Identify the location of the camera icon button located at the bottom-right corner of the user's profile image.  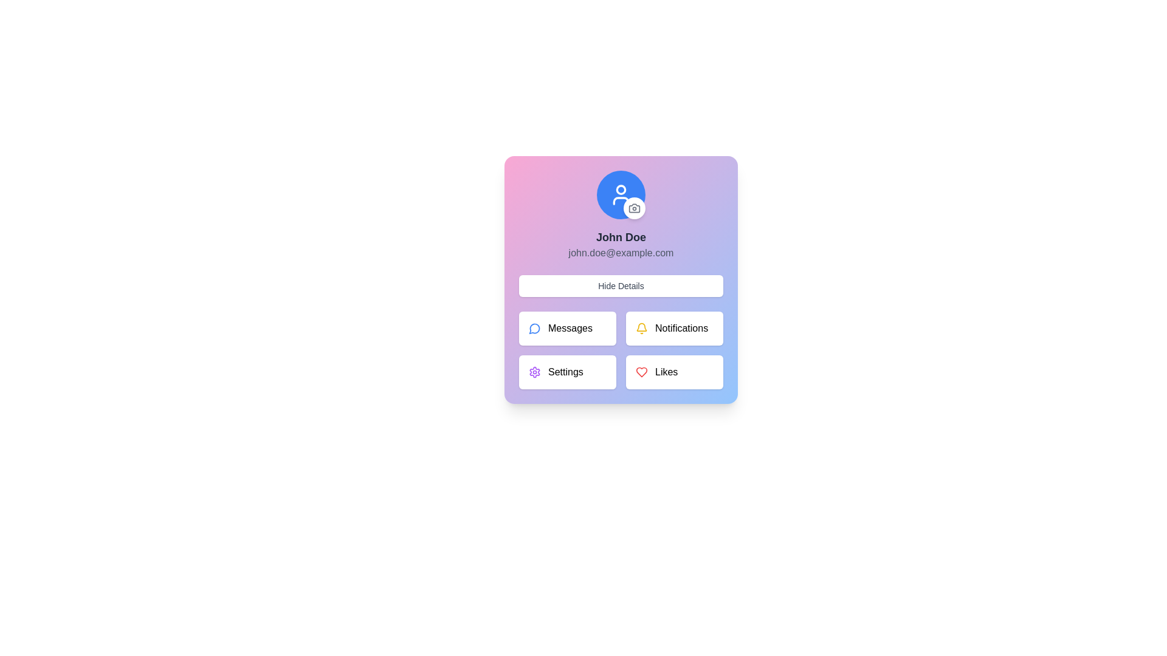
(633, 208).